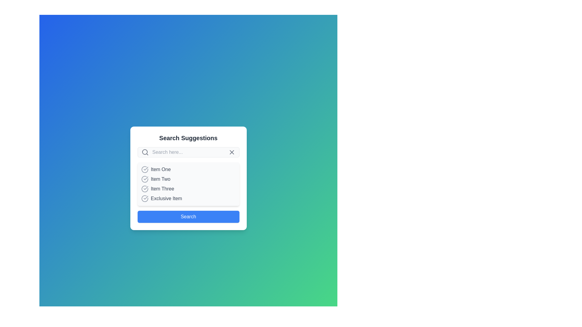  I want to click on the search icon represented by a circle, located on the leftmost side of the 'Search here...' text input box in the 'Search Suggestions' modal window, so click(144, 151).